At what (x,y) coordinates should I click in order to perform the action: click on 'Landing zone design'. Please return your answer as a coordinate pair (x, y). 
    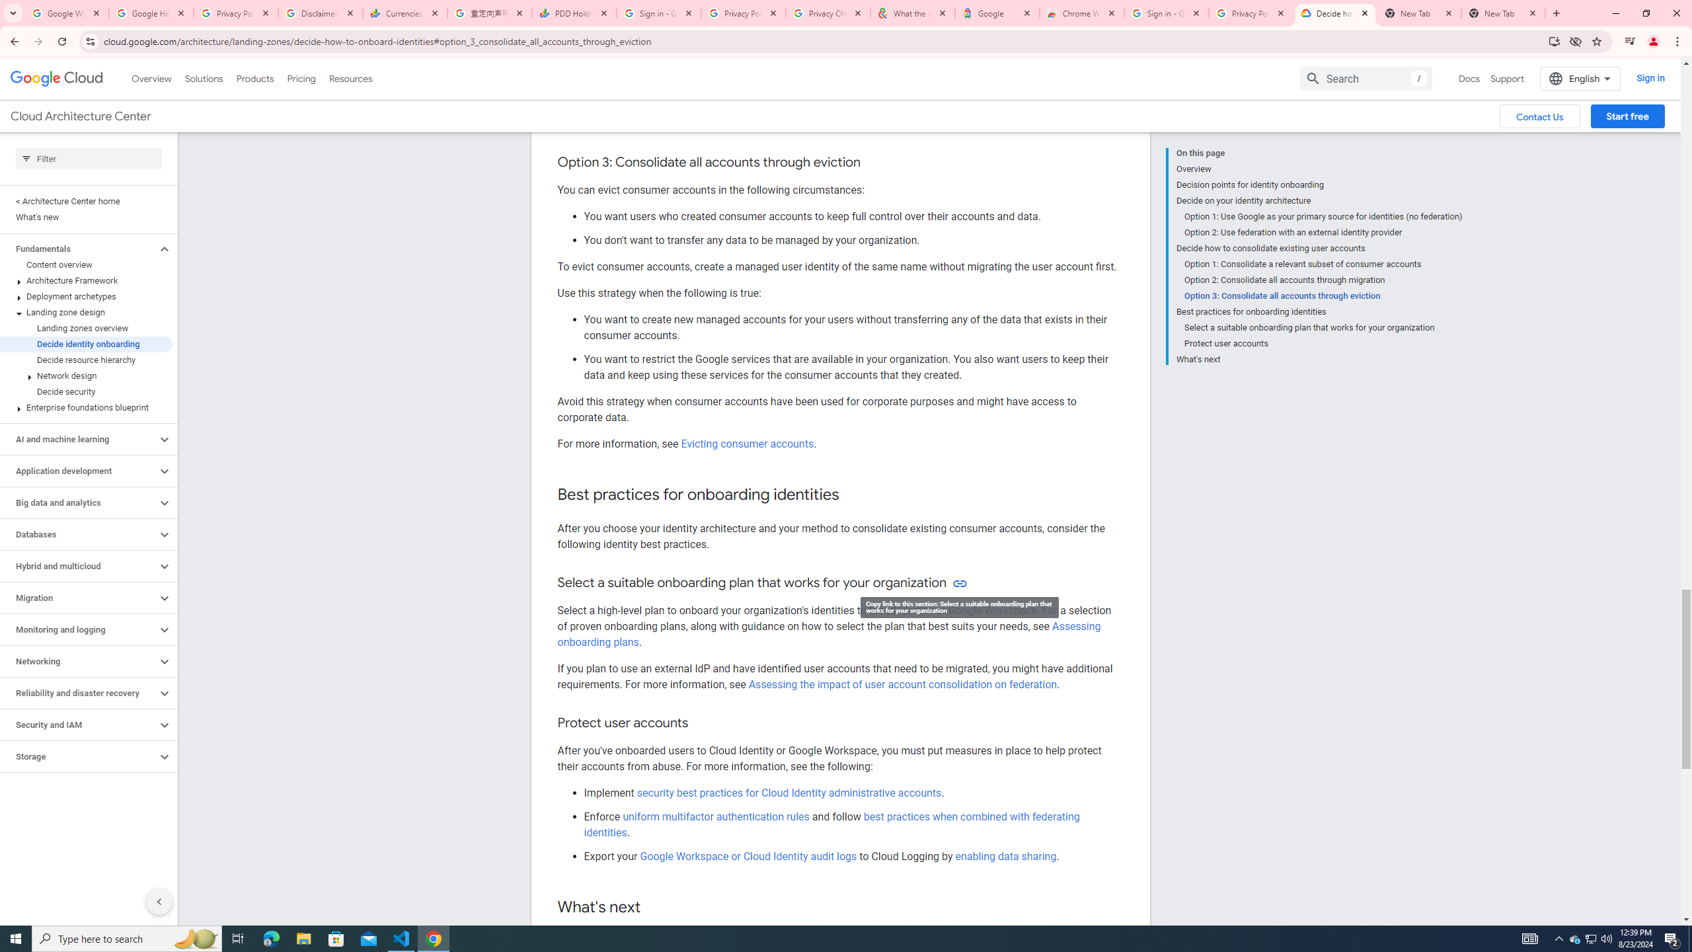
    Looking at the image, I should click on (86, 312).